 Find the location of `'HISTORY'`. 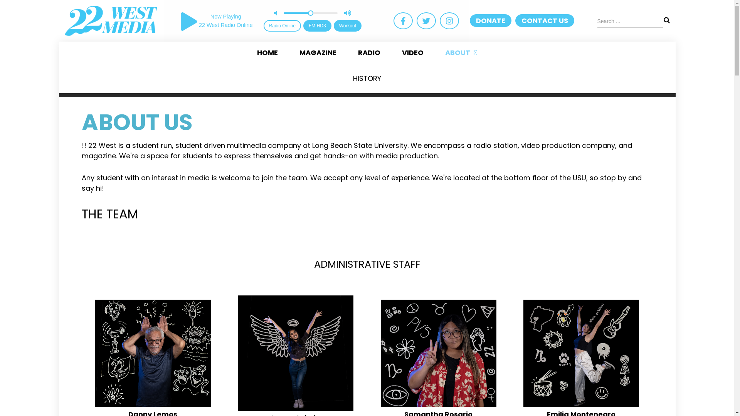

'HISTORY' is located at coordinates (367, 78).